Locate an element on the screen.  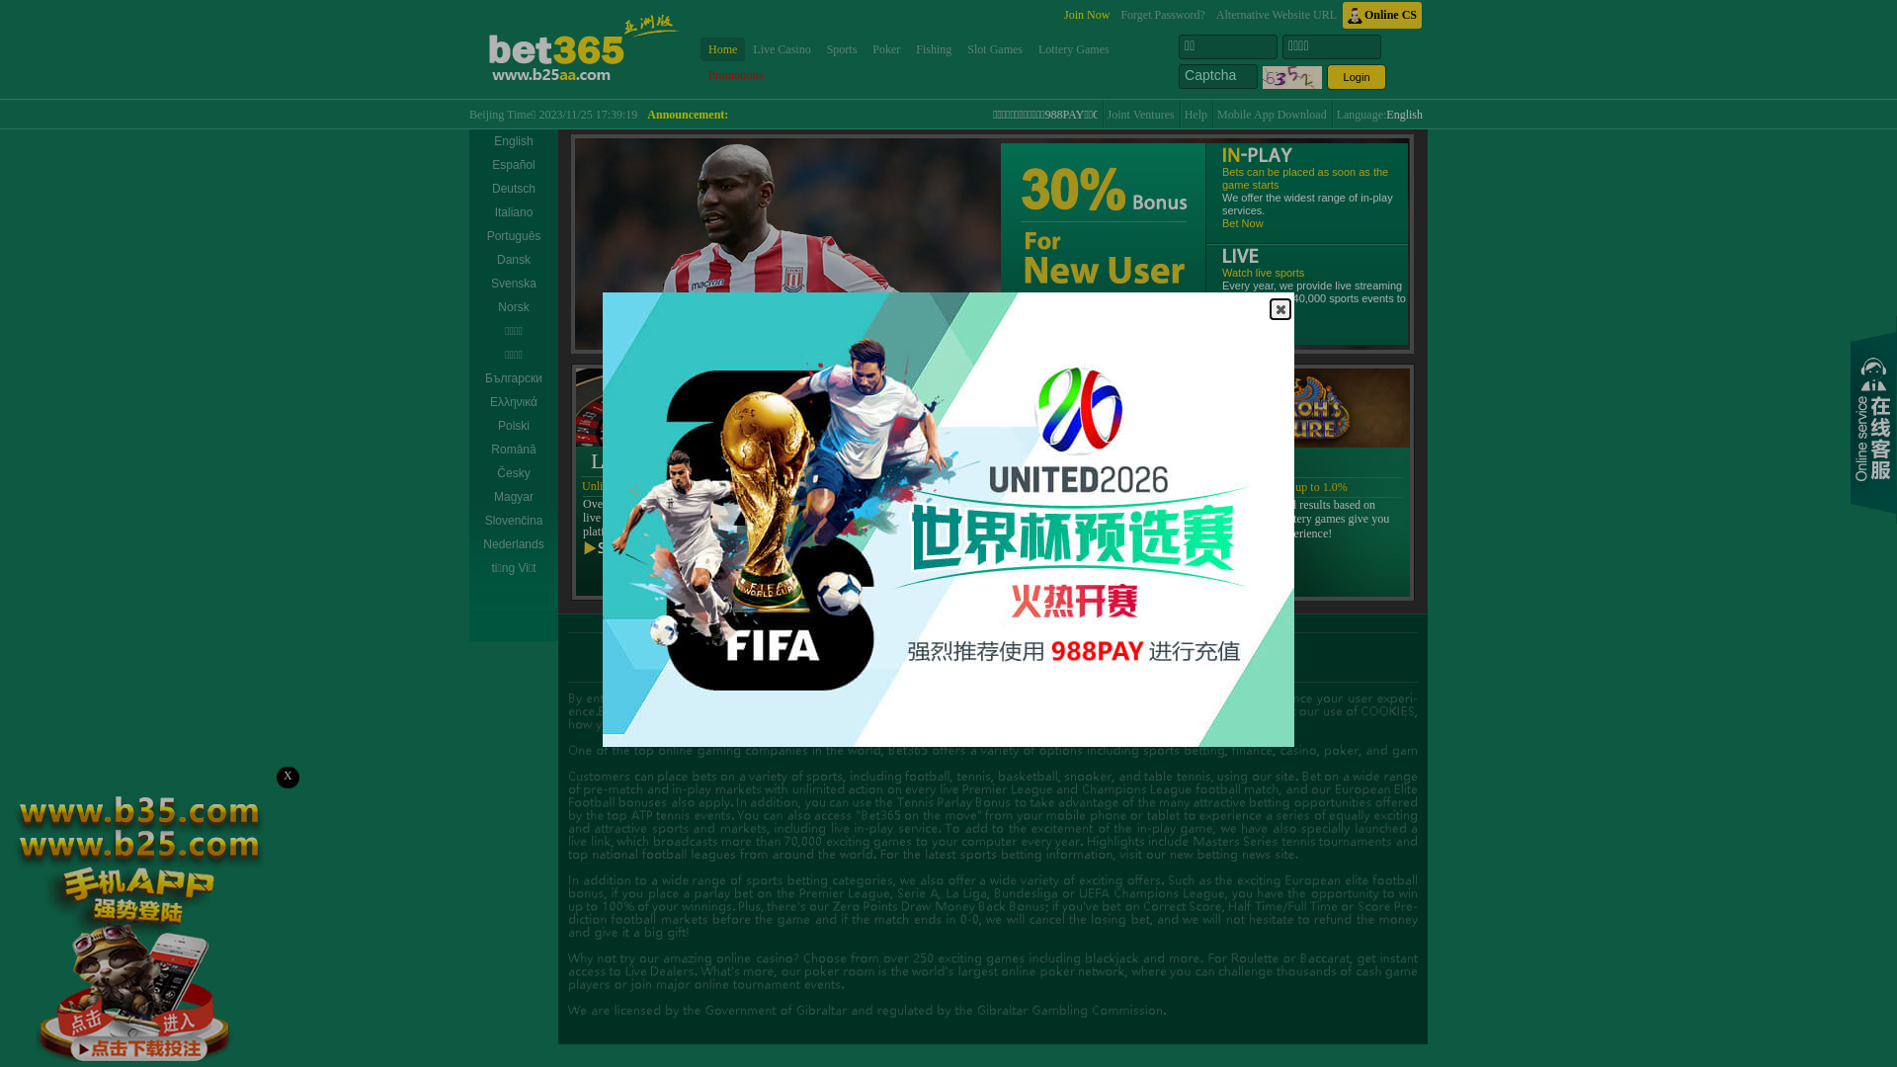
'Mobile App Download' is located at coordinates (1272, 114).